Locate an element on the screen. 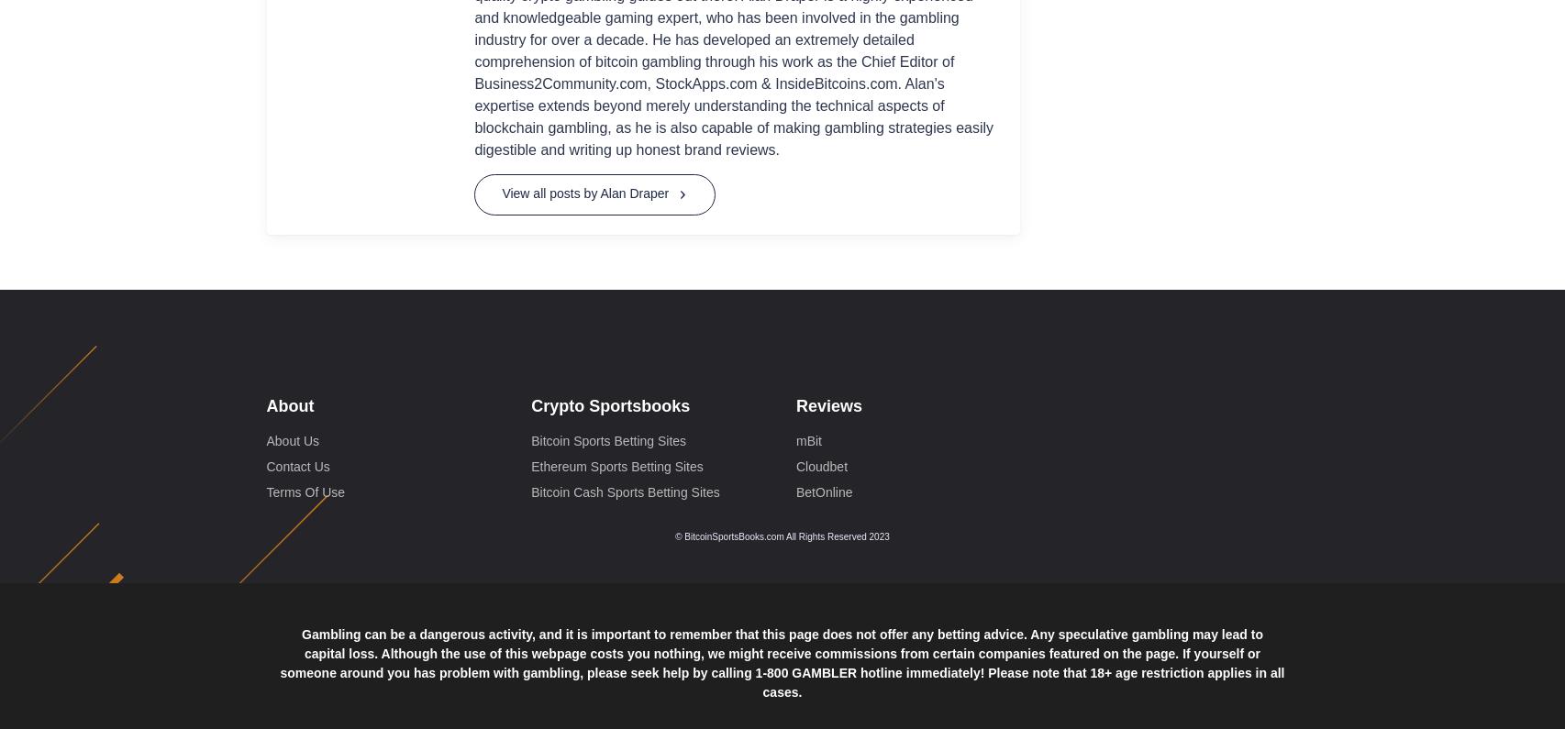 The height and width of the screenshot is (729, 1565). 'Ethereum Sports Betting Sites' is located at coordinates (616, 129).